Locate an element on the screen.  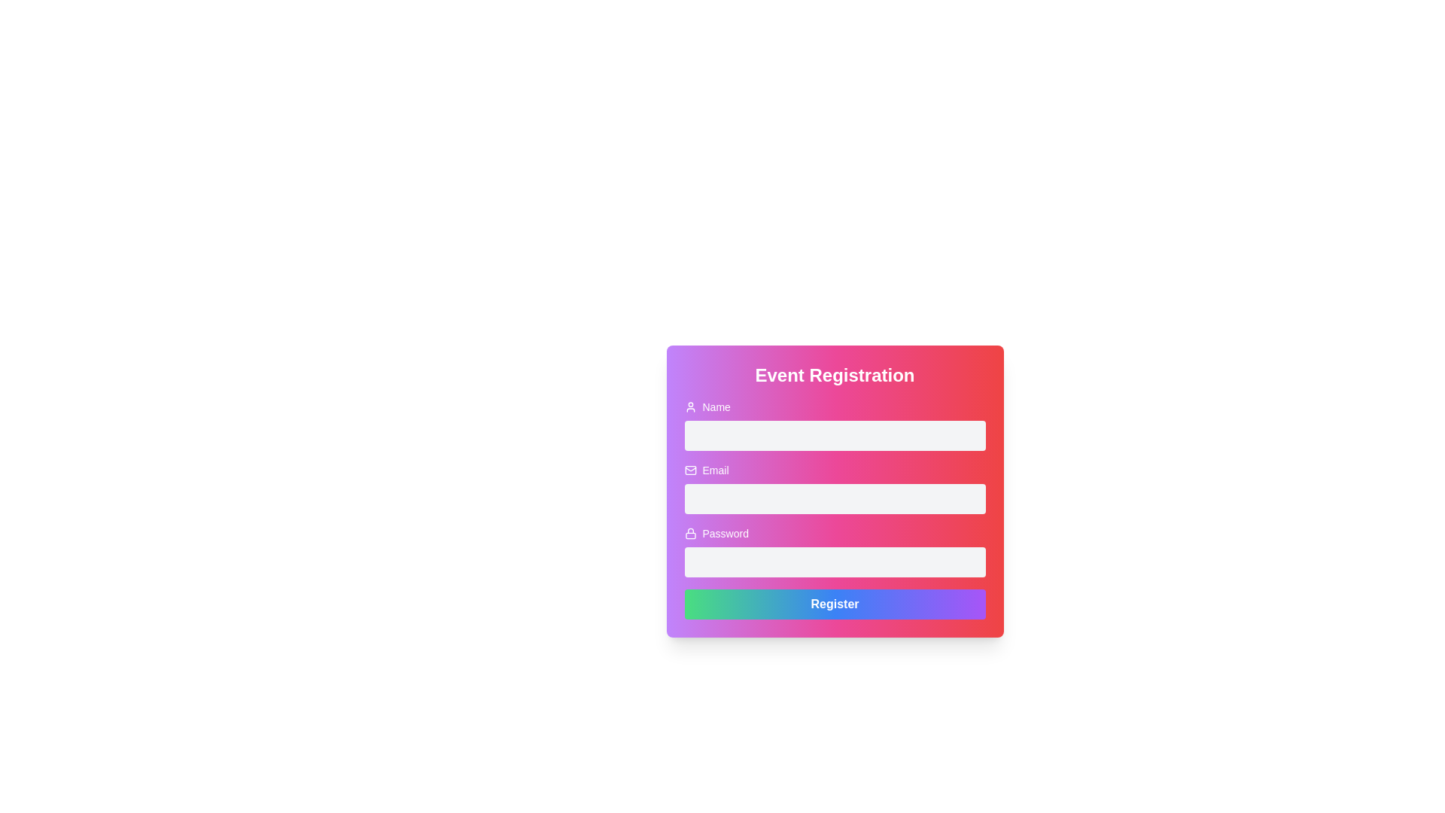
the minimalist lock icon located to the left of the 'Password' text label in the form is located at coordinates (689, 533).